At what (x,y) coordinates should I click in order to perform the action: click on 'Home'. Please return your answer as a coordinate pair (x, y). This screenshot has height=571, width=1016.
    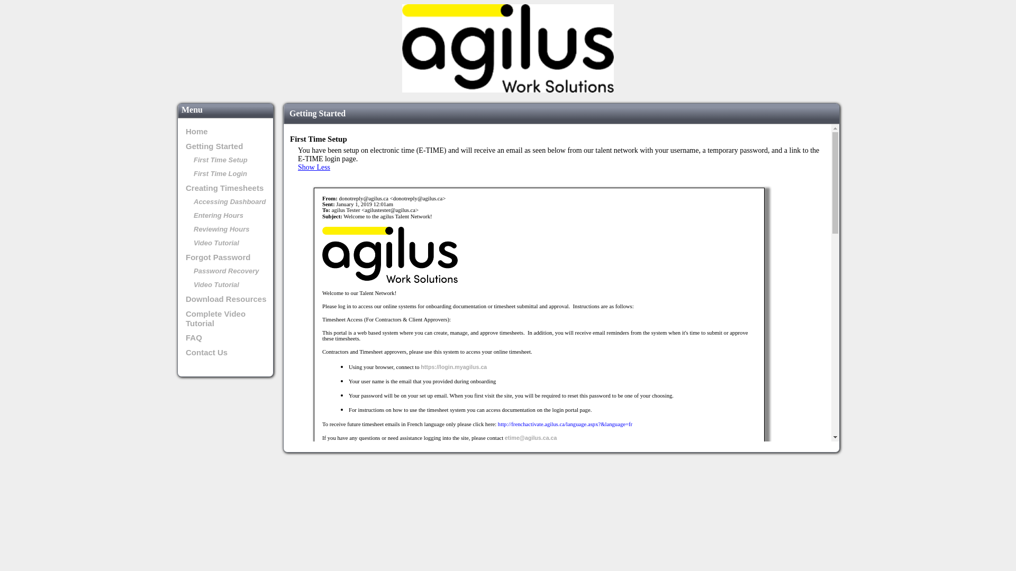
    Looking at the image, I should click on (196, 131).